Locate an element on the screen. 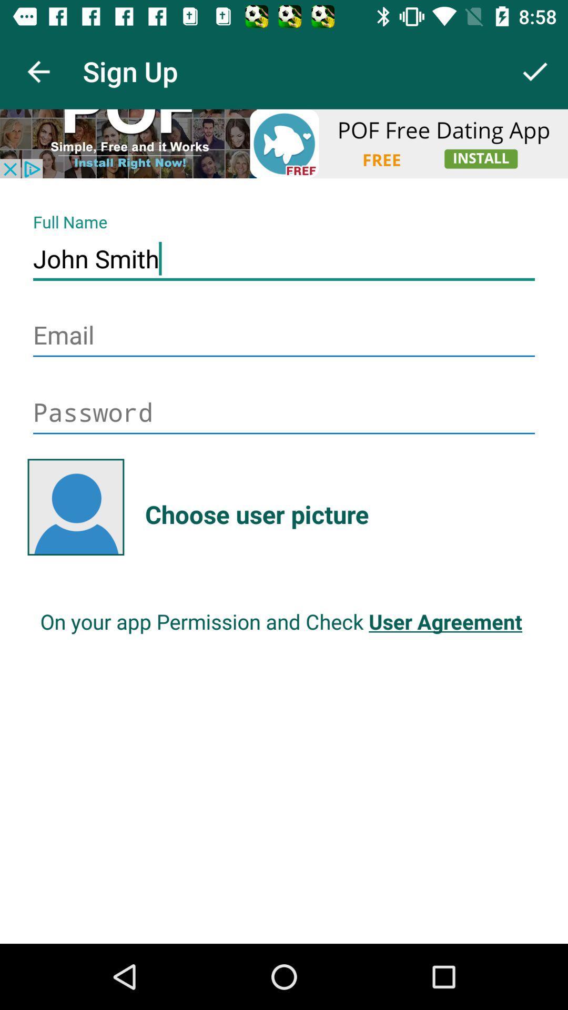 This screenshot has width=568, height=1010. pas is located at coordinates (284, 413).